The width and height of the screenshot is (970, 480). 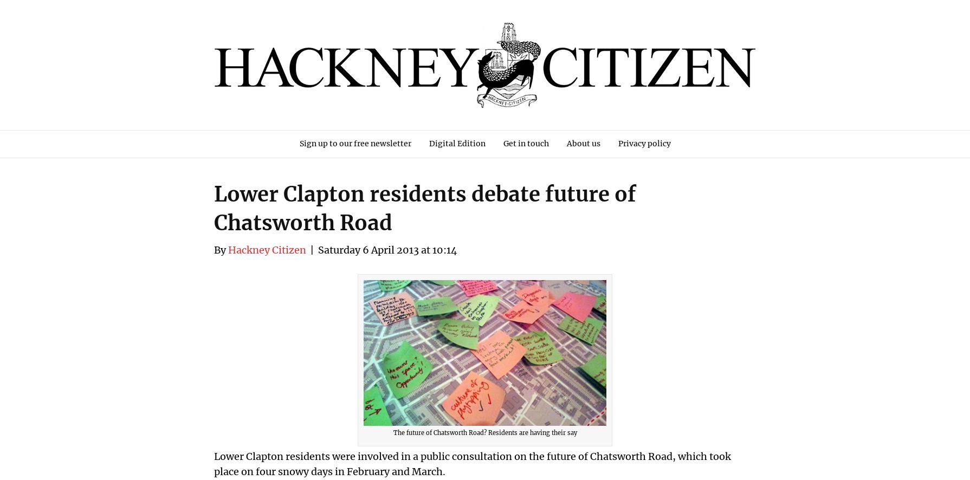 What do you see at coordinates (307, 249) in the screenshot?
I see `'|'` at bounding box center [307, 249].